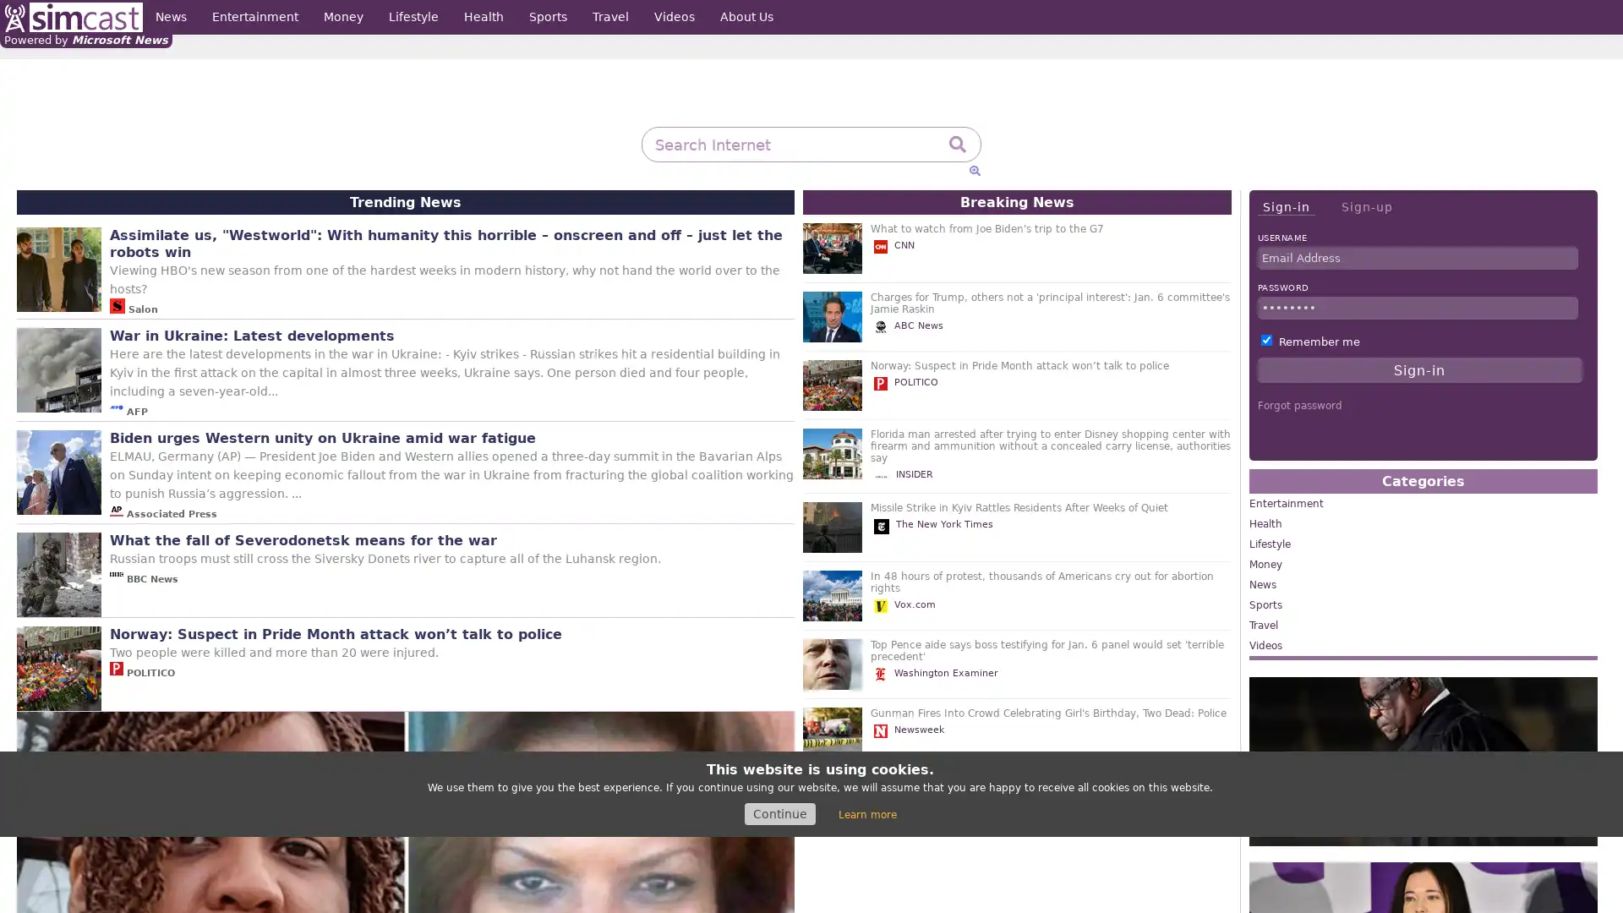 This screenshot has width=1623, height=913. Describe the element at coordinates (1285, 206) in the screenshot. I see `Sign-in` at that location.